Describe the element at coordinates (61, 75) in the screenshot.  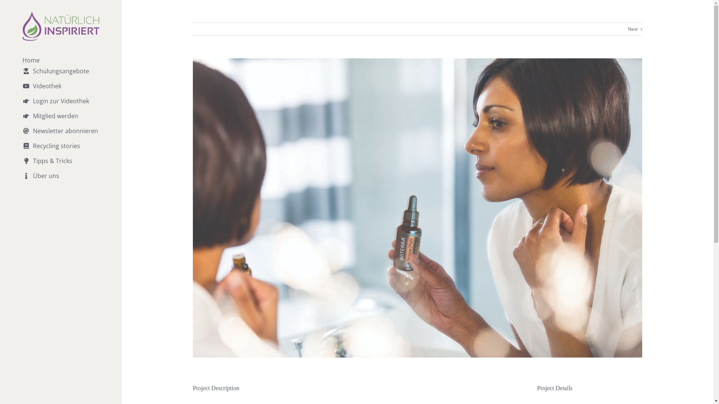
I see `'Schulungsangebote'` at that location.